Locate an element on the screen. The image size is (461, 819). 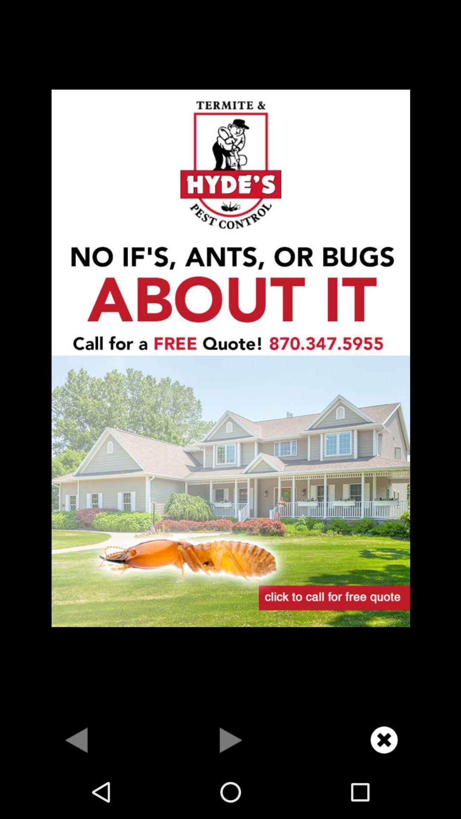
the close is located at coordinates (383, 739).